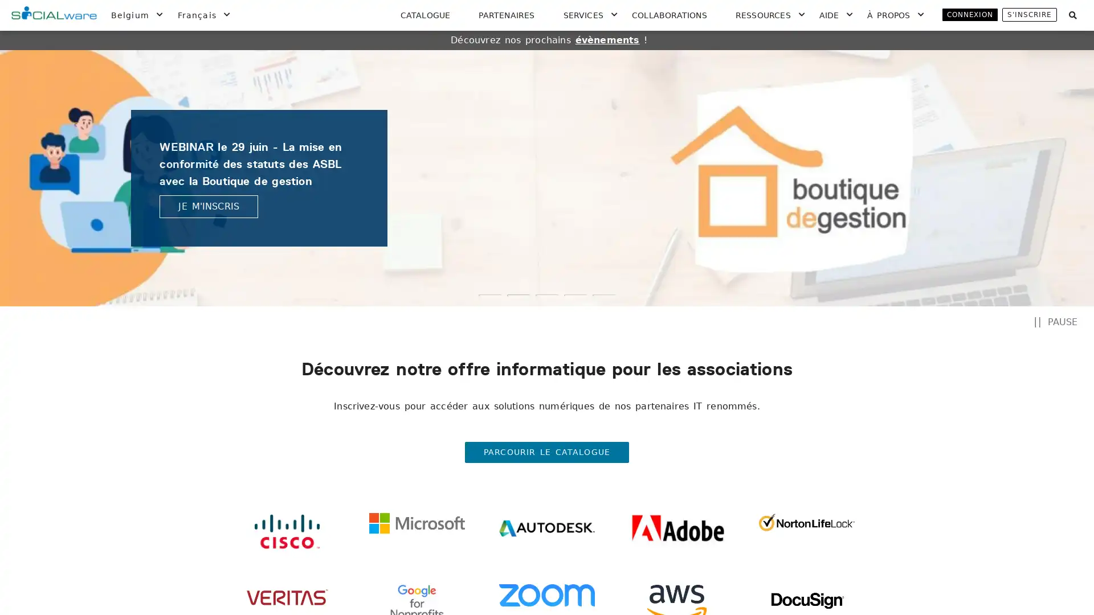 This screenshot has width=1094, height=615. Describe the element at coordinates (1055, 322) in the screenshot. I see `PAUSE` at that location.